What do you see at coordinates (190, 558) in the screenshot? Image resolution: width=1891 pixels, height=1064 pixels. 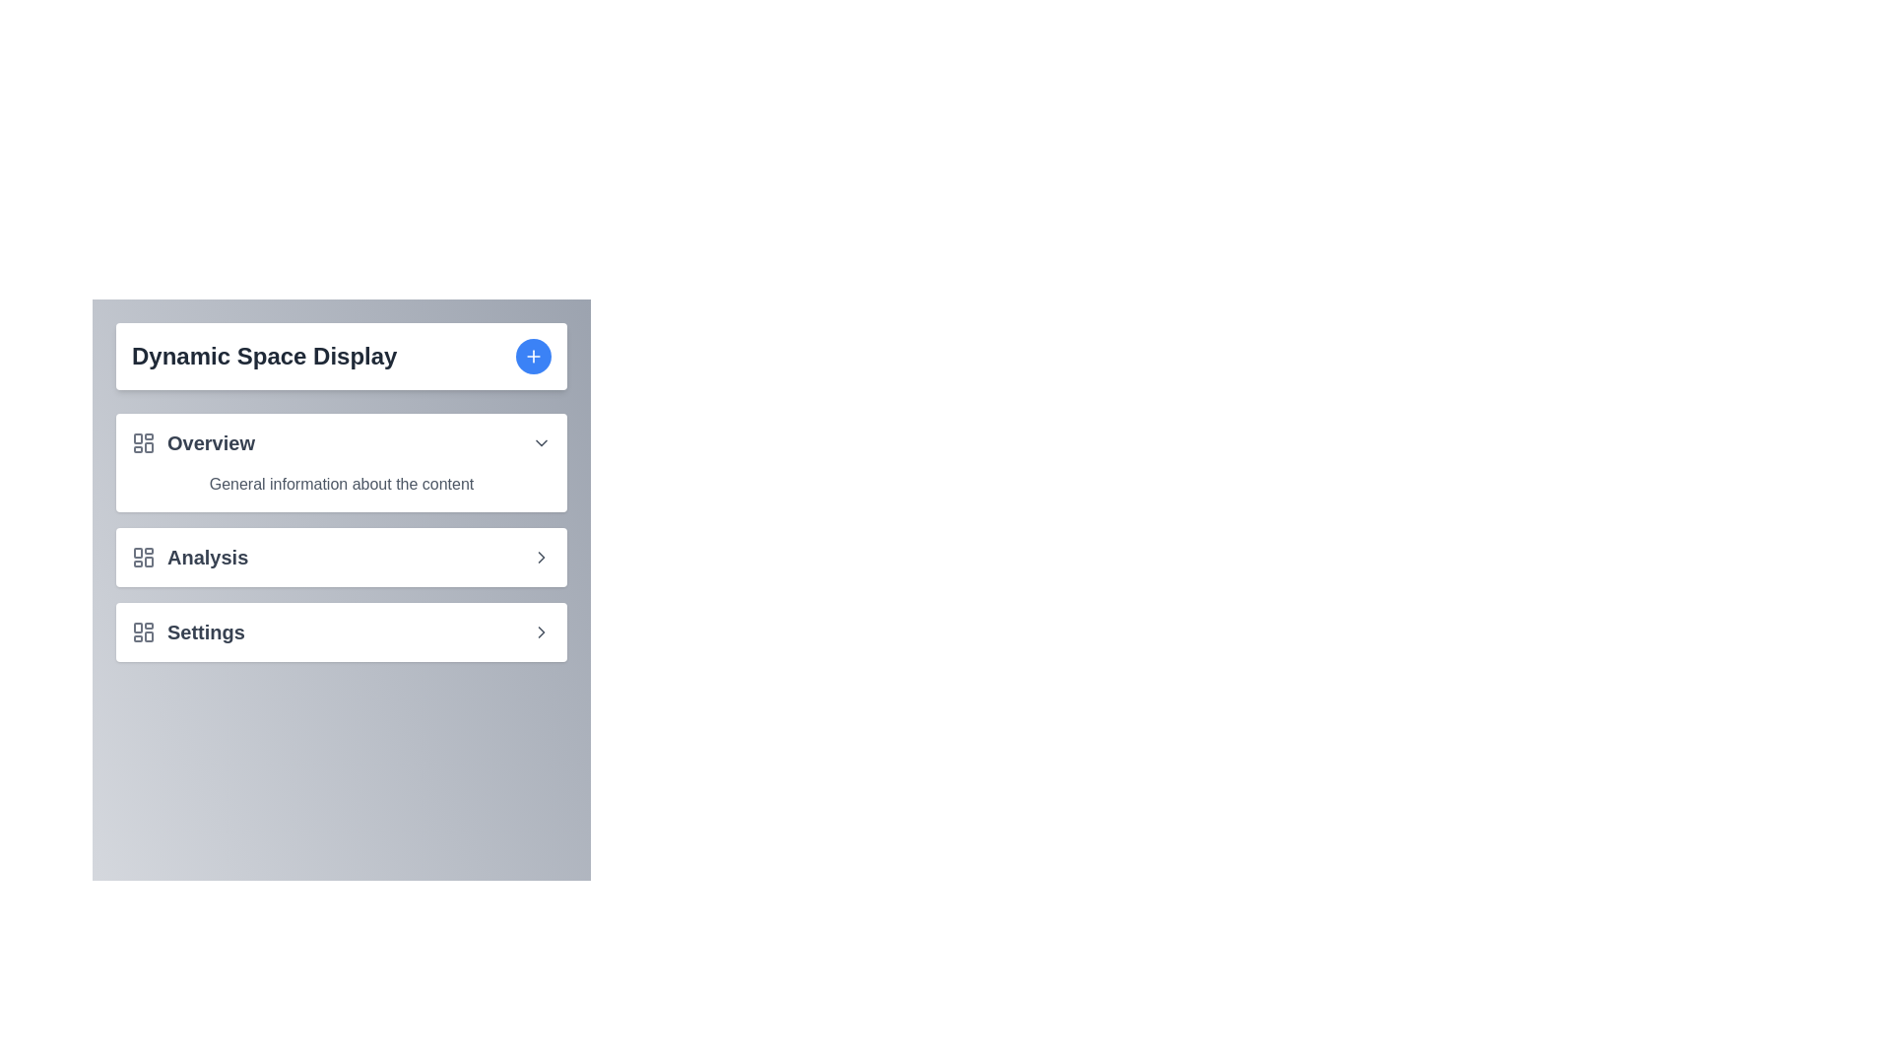 I see `the navigation item in the sidebar that combines an icon and a label, positioned as the second item in the list` at bounding box center [190, 558].